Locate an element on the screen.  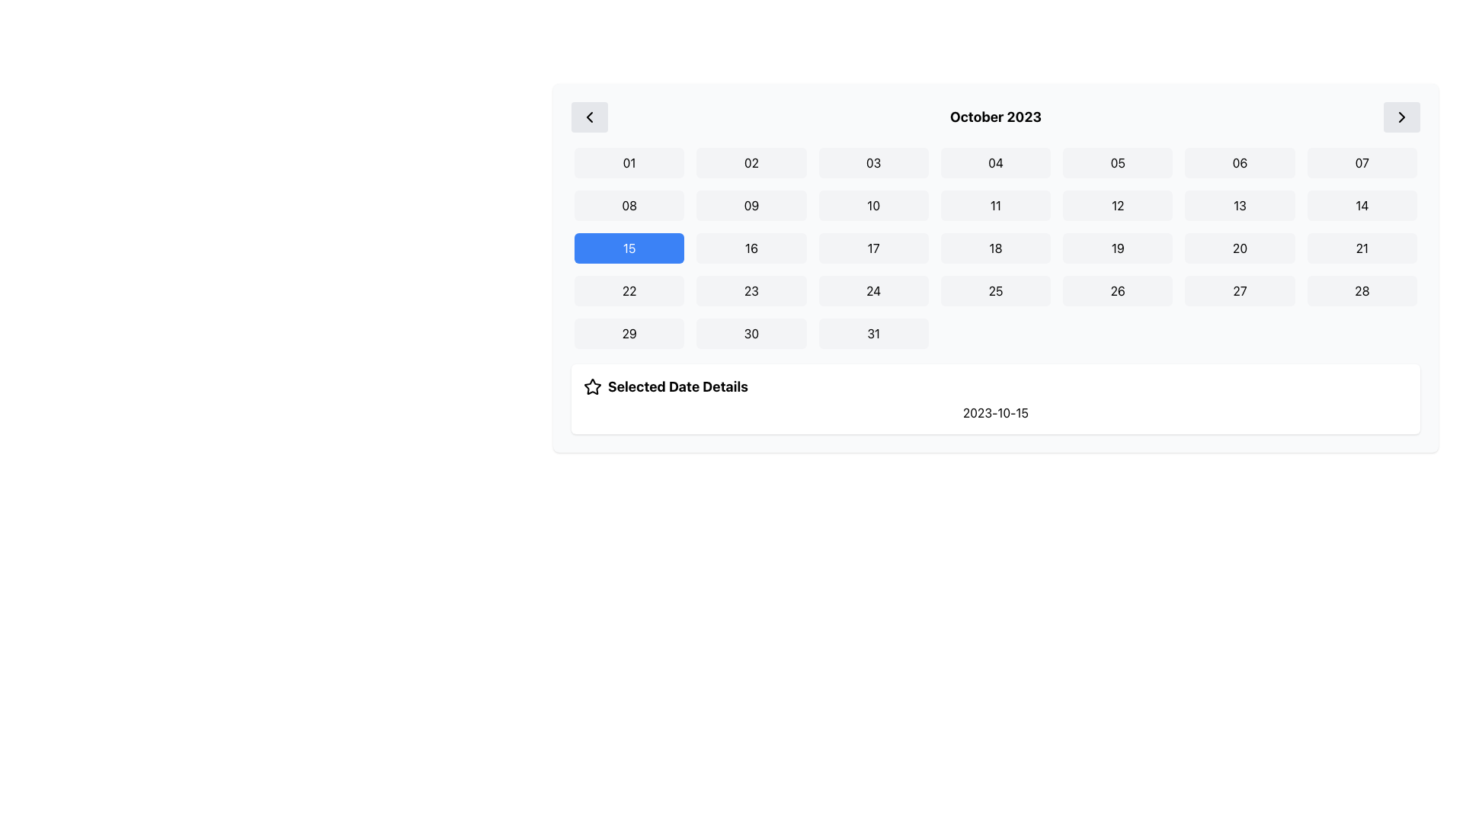
the static text element that displays the current month and year in the calendar interface, located at the center top of the calendar component is located at coordinates (995, 117).